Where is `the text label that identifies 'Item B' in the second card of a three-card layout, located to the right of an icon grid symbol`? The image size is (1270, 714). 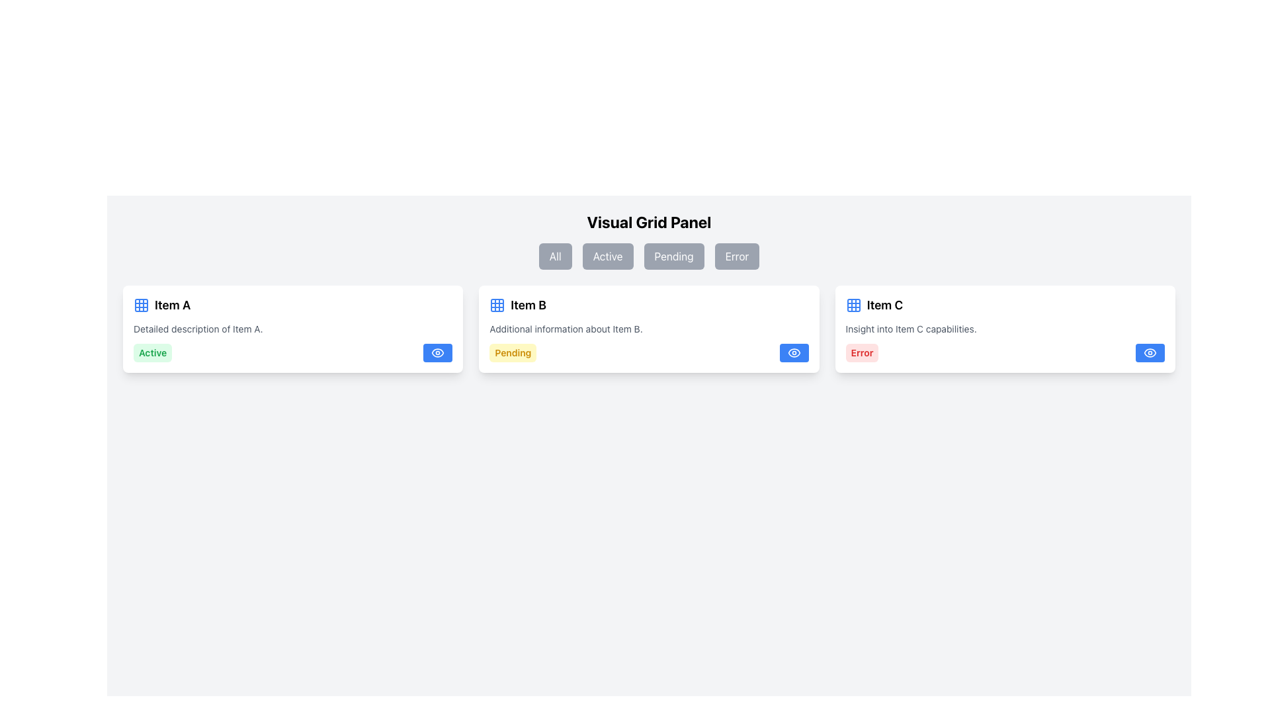 the text label that identifies 'Item B' in the second card of a three-card layout, located to the right of an icon grid symbol is located at coordinates (528, 305).